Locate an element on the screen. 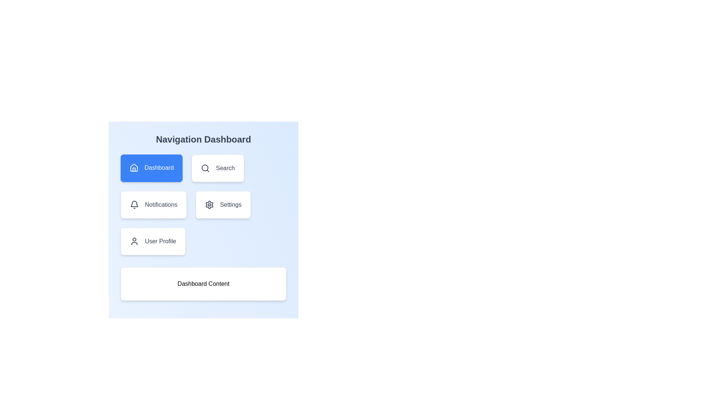  the 'Dashboard' icon located at the top left of the 'Navigation Dashboard' interface is located at coordinates (134, 168).